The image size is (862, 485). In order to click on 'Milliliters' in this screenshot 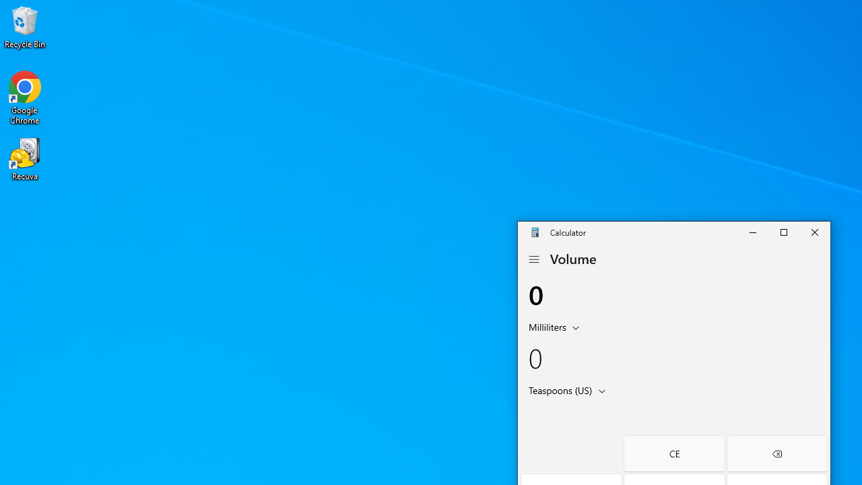, I will do `click(545, 326)`.